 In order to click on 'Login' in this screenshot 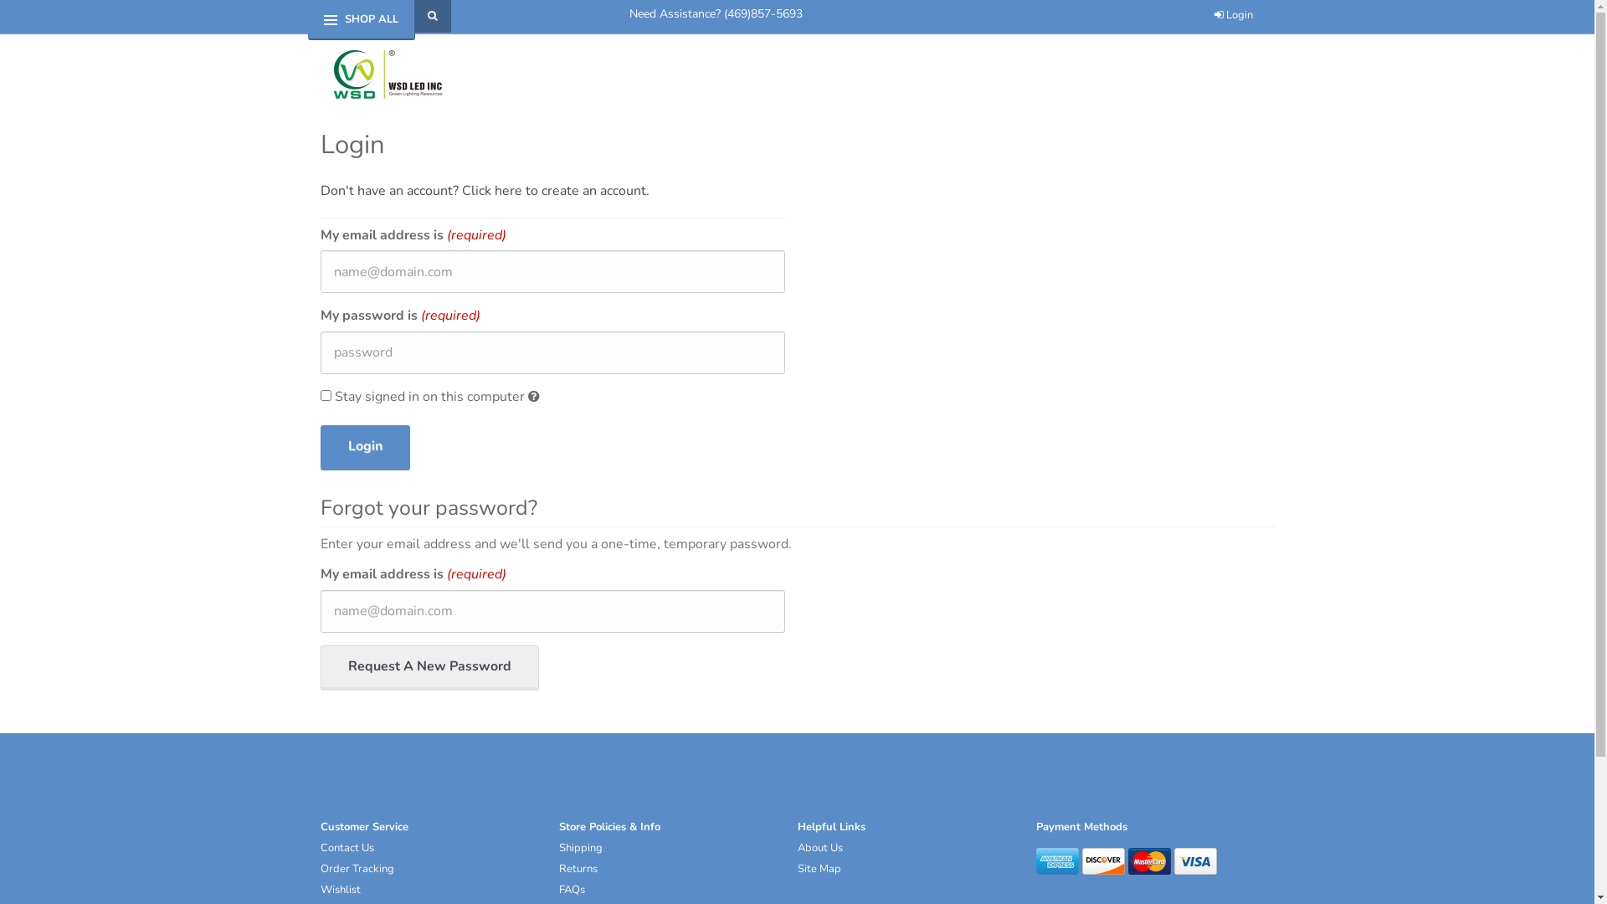, I will do `click(1233, 15)`.